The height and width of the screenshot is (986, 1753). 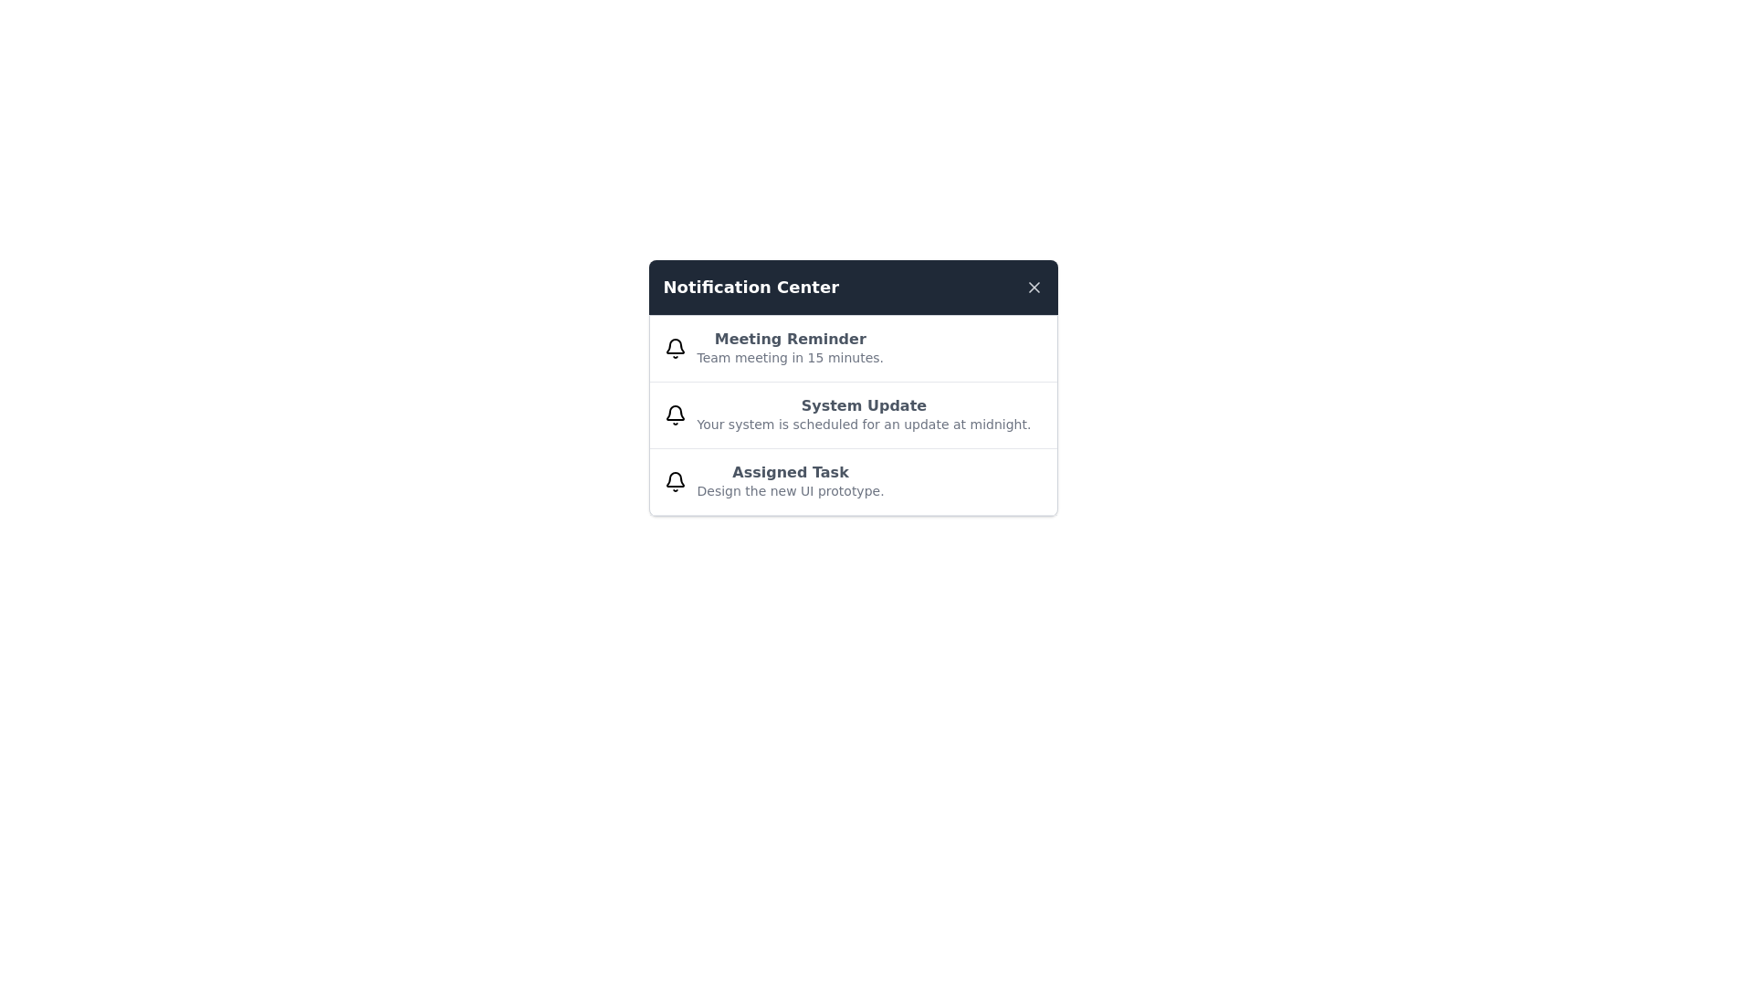 What do you see at coordinates (751, 288) in the screenshot?
I see `the 'Notification Center' text label, which is a bold and prominently displayed header located at the top of the notification popup window` at bounding box center [751, 288].